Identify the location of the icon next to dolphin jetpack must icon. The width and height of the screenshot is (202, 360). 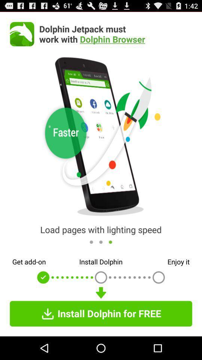
(22, 34).